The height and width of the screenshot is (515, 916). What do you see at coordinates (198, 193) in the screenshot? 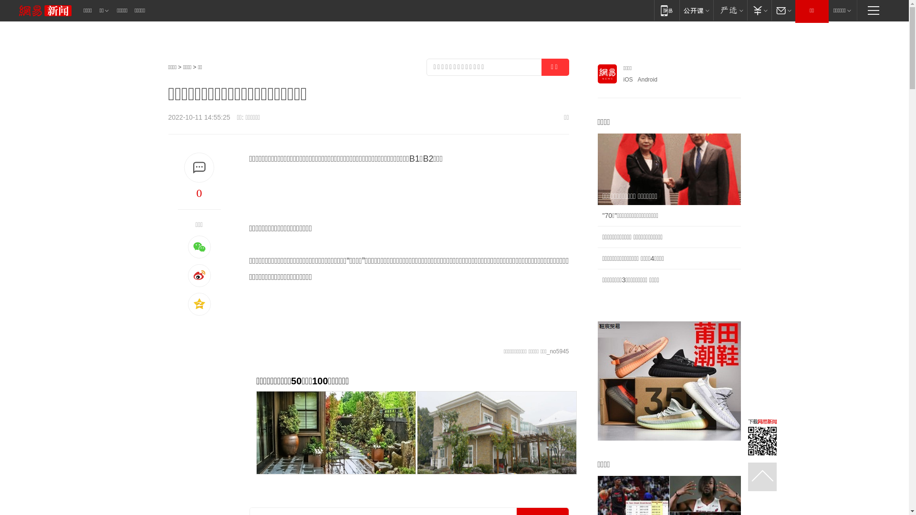
I see `'0'` at bounding box center [198, 193].